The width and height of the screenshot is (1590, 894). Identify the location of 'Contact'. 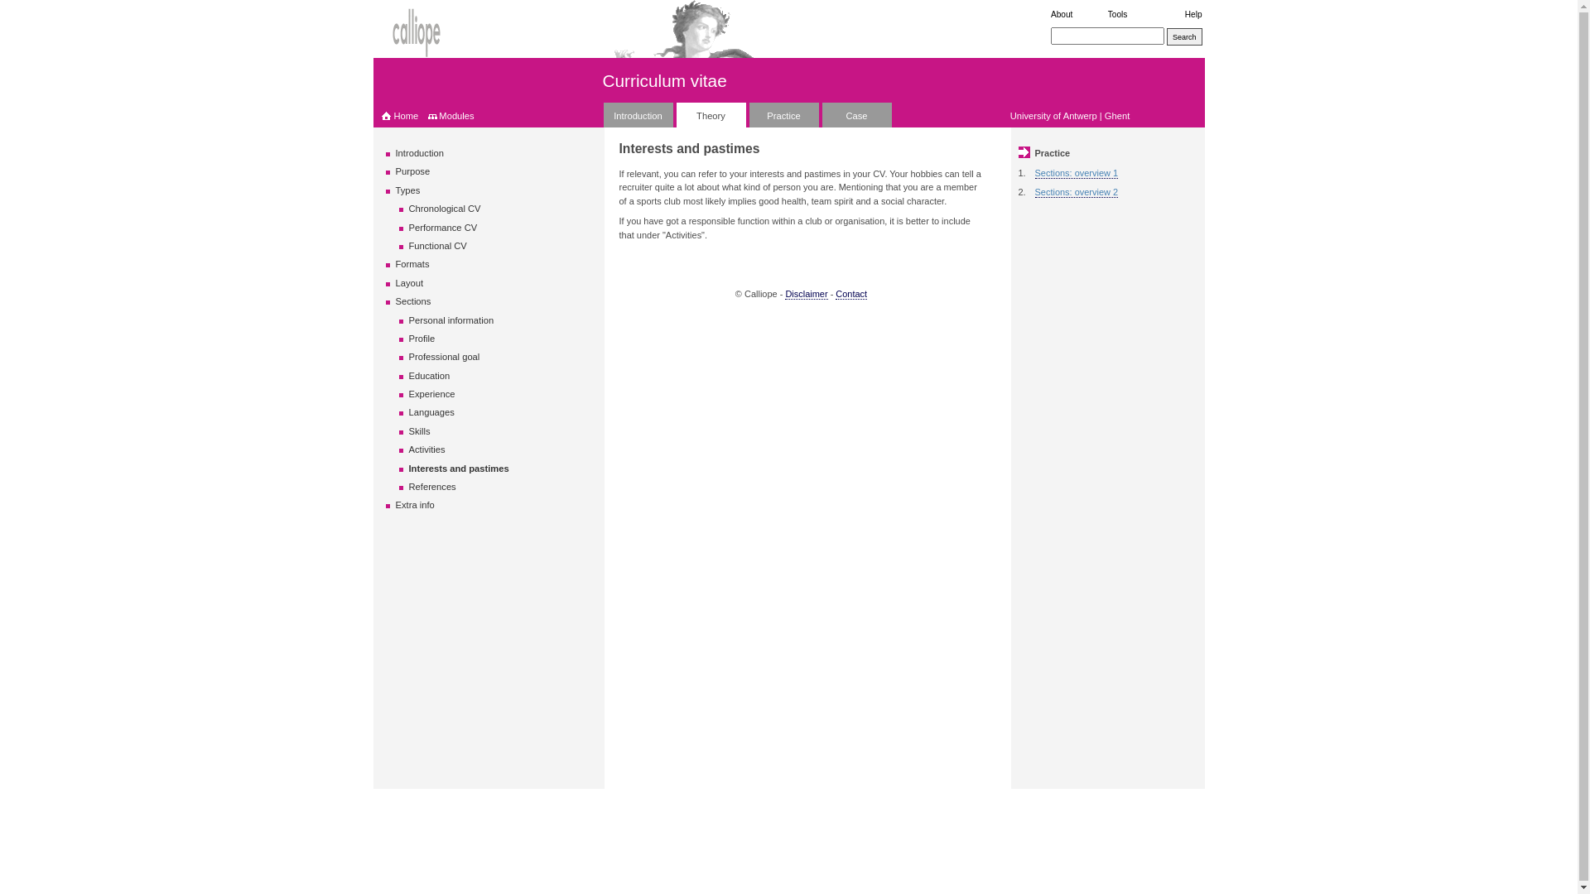
(850, 293).